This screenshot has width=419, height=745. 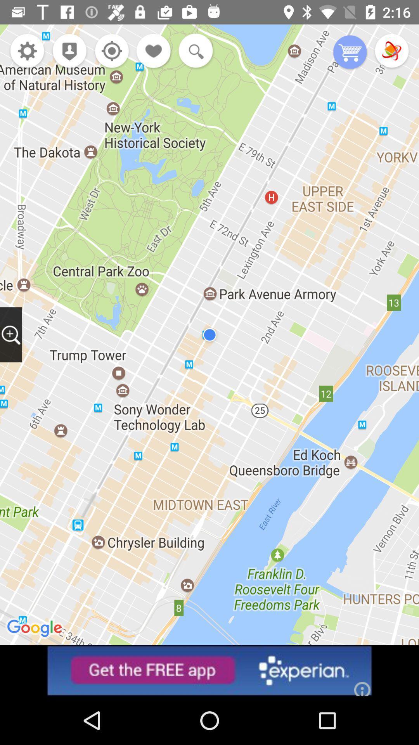 I want to click on open settings, so click(x=27, y=51).